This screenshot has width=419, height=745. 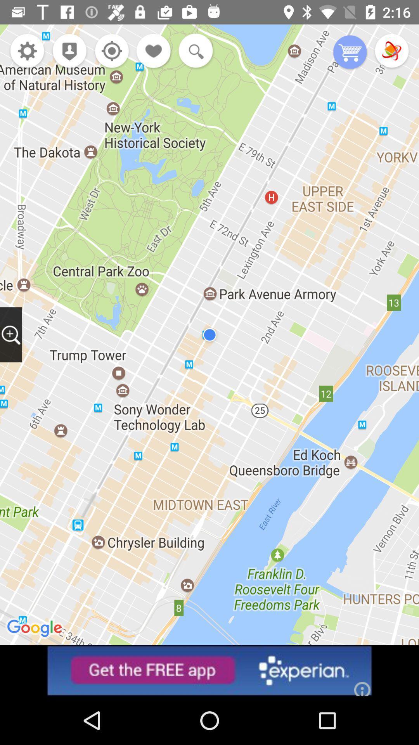 I want to click on open settings, so click(x=27, y=51).